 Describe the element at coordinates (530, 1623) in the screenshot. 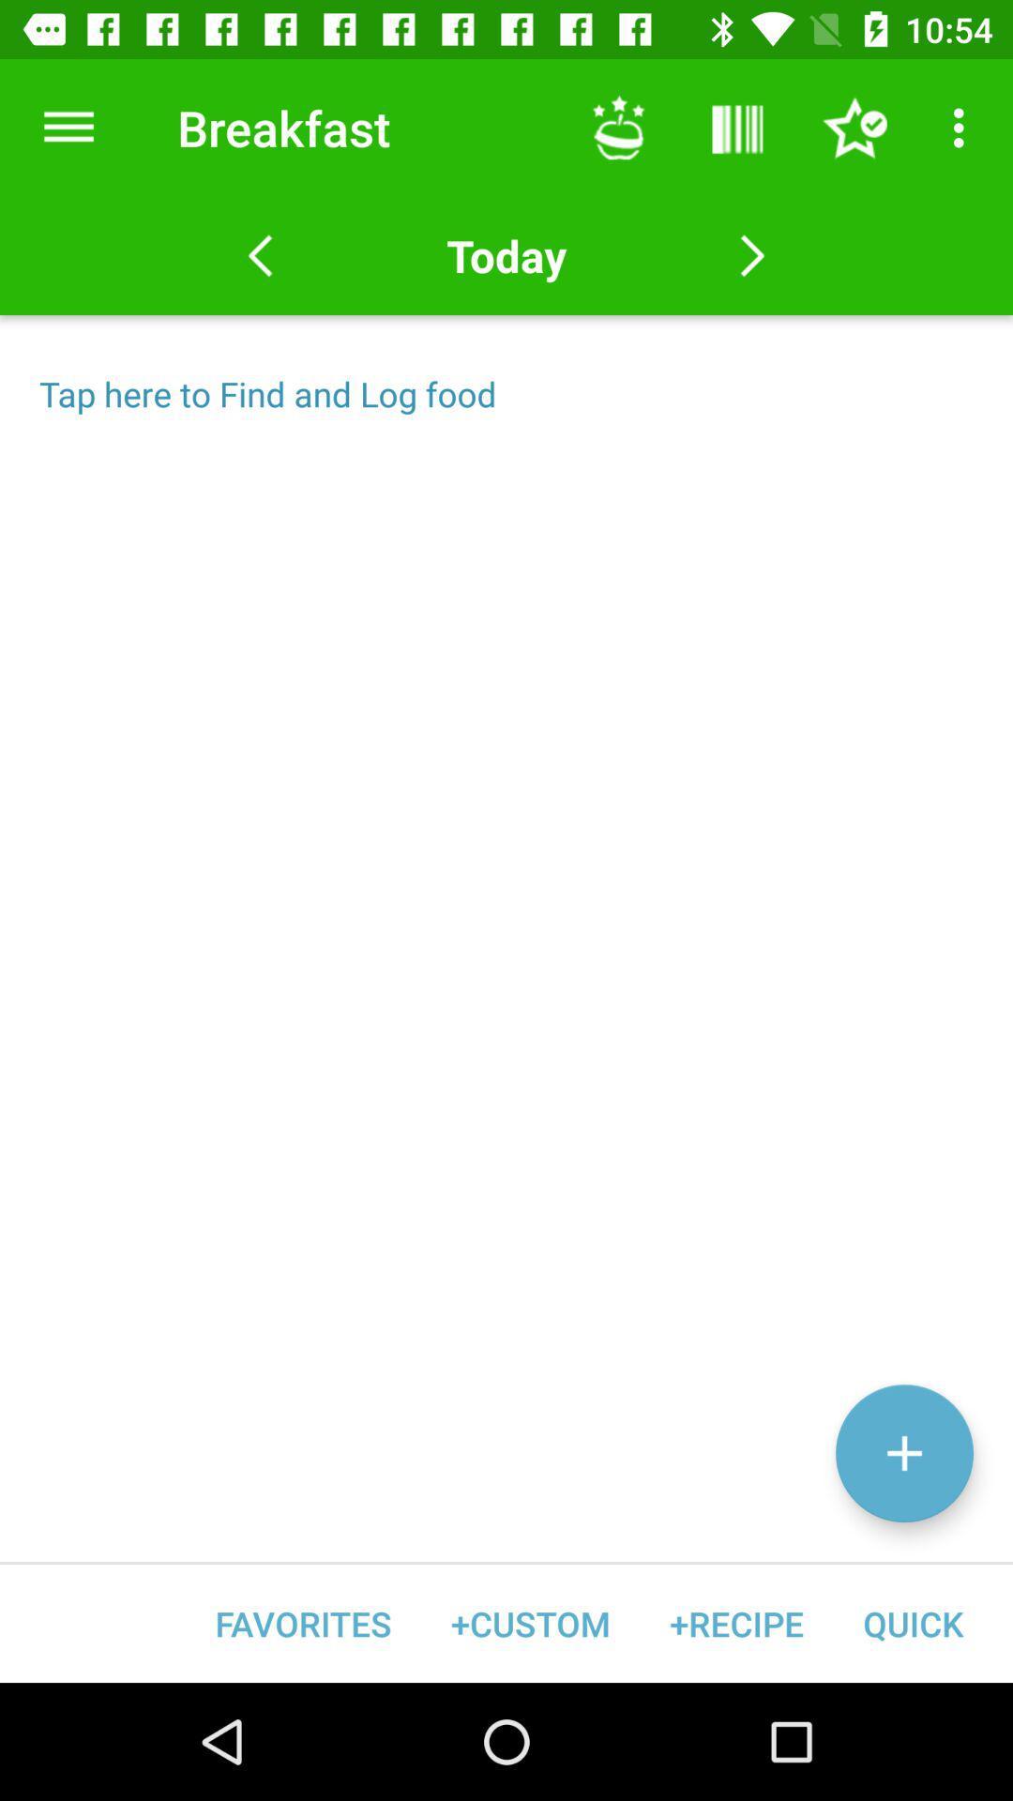

I see `the icon next to the favorites item` at that location.